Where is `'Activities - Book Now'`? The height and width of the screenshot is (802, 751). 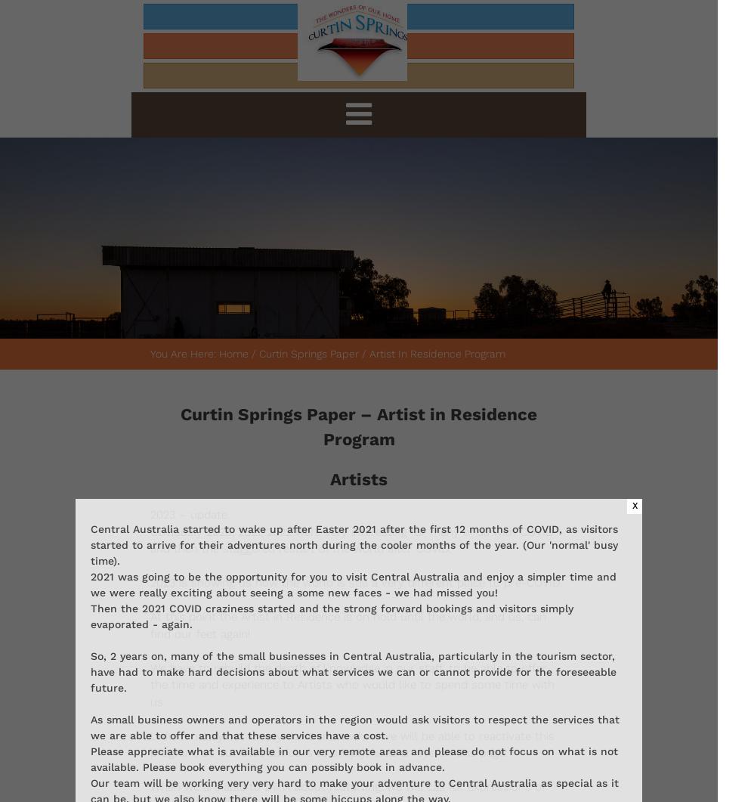 'Activities - Book Now' is located at coordinates (651, 46).